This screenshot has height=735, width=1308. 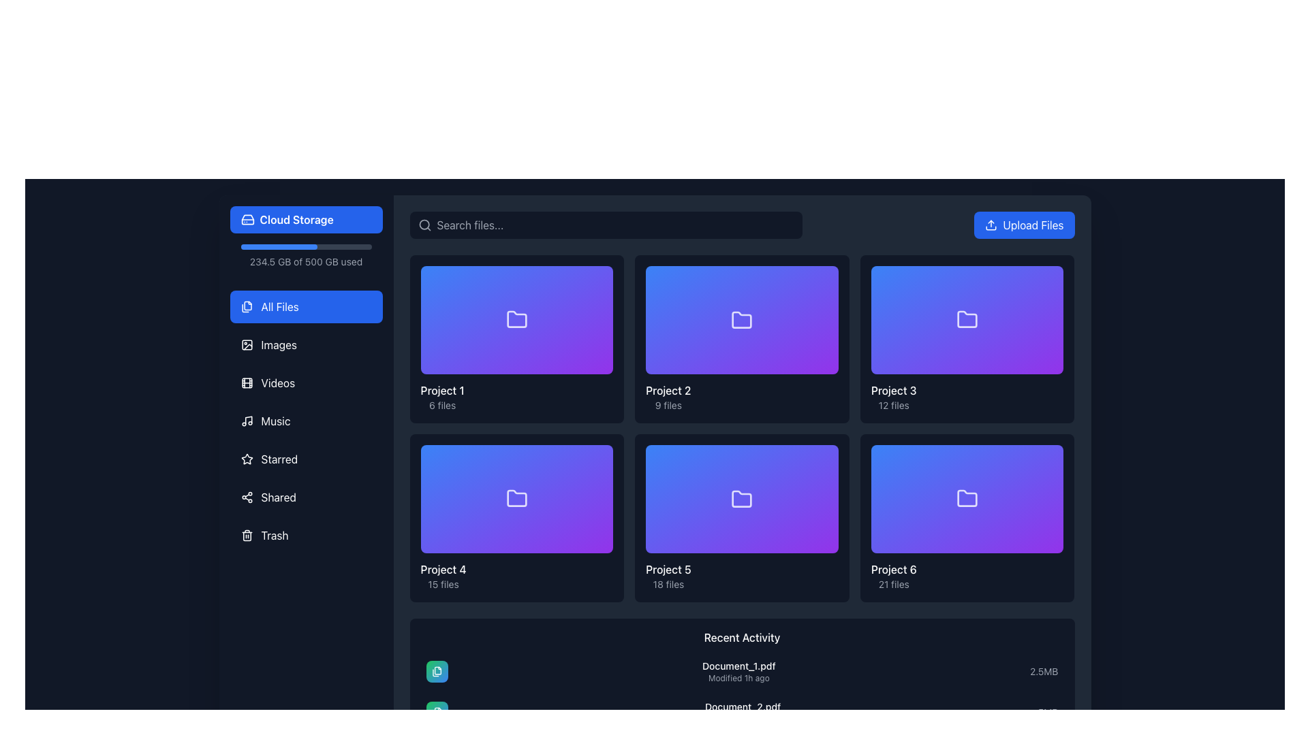 What do you see at coordinates (1049, 459) in the screenshot?
I see `the interactive menu button located at the top-right corner of the 'Project 6' box` at bounding box center [1049, 459].